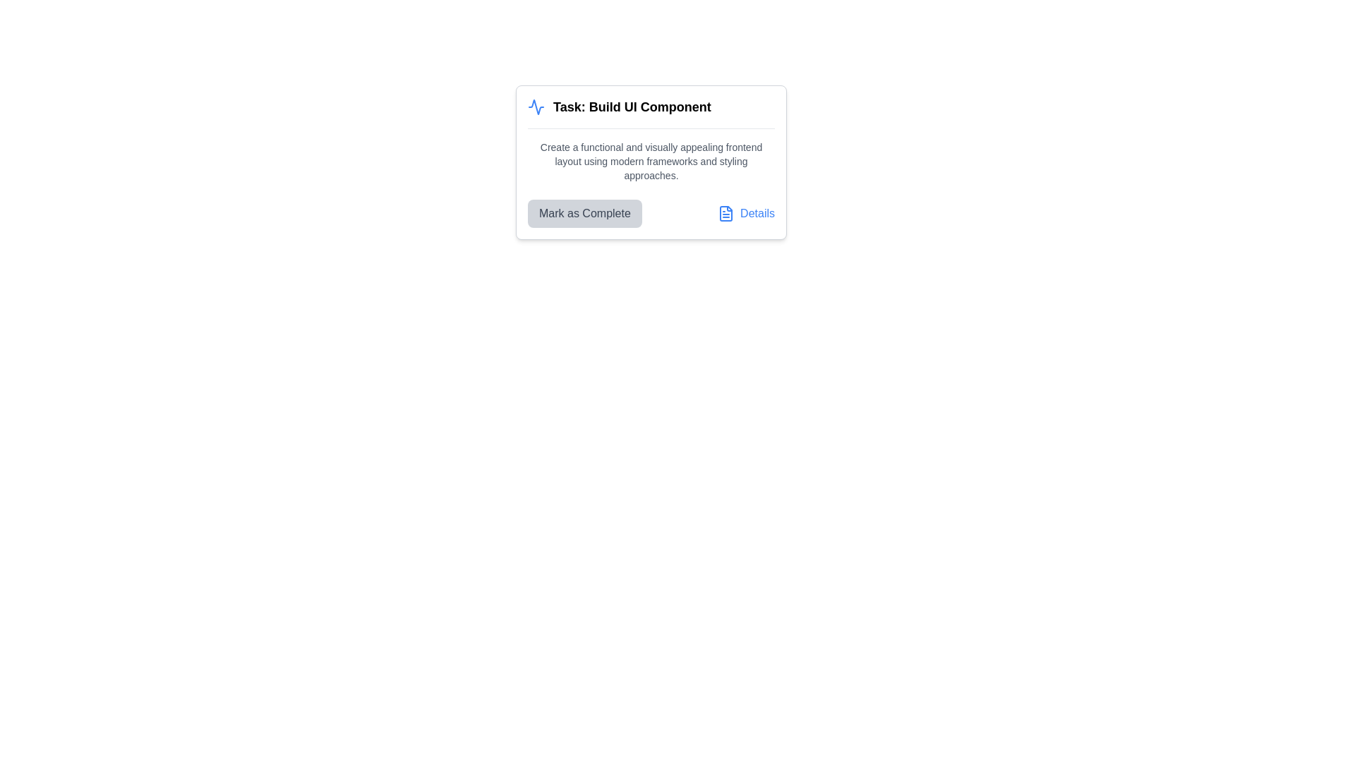 Image resolution: width=1355 pixels, height=762 pixels. What do you see at coordinates (745, 214) in the screenshot?
I see `the 'Details' link which is blue and has a document icon on the left, located in the lower-right corner of the card layout` at bounding box center [745, 214].